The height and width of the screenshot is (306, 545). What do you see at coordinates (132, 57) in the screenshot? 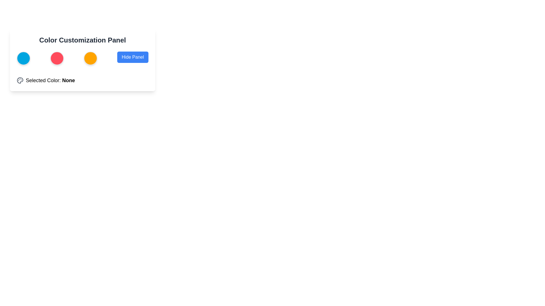
I see `the 'Hide Panel' button, which is a white text button on a blue background with rounded corners, located in the 'Color Customization Panel' section` at bounding box center [132, 57].